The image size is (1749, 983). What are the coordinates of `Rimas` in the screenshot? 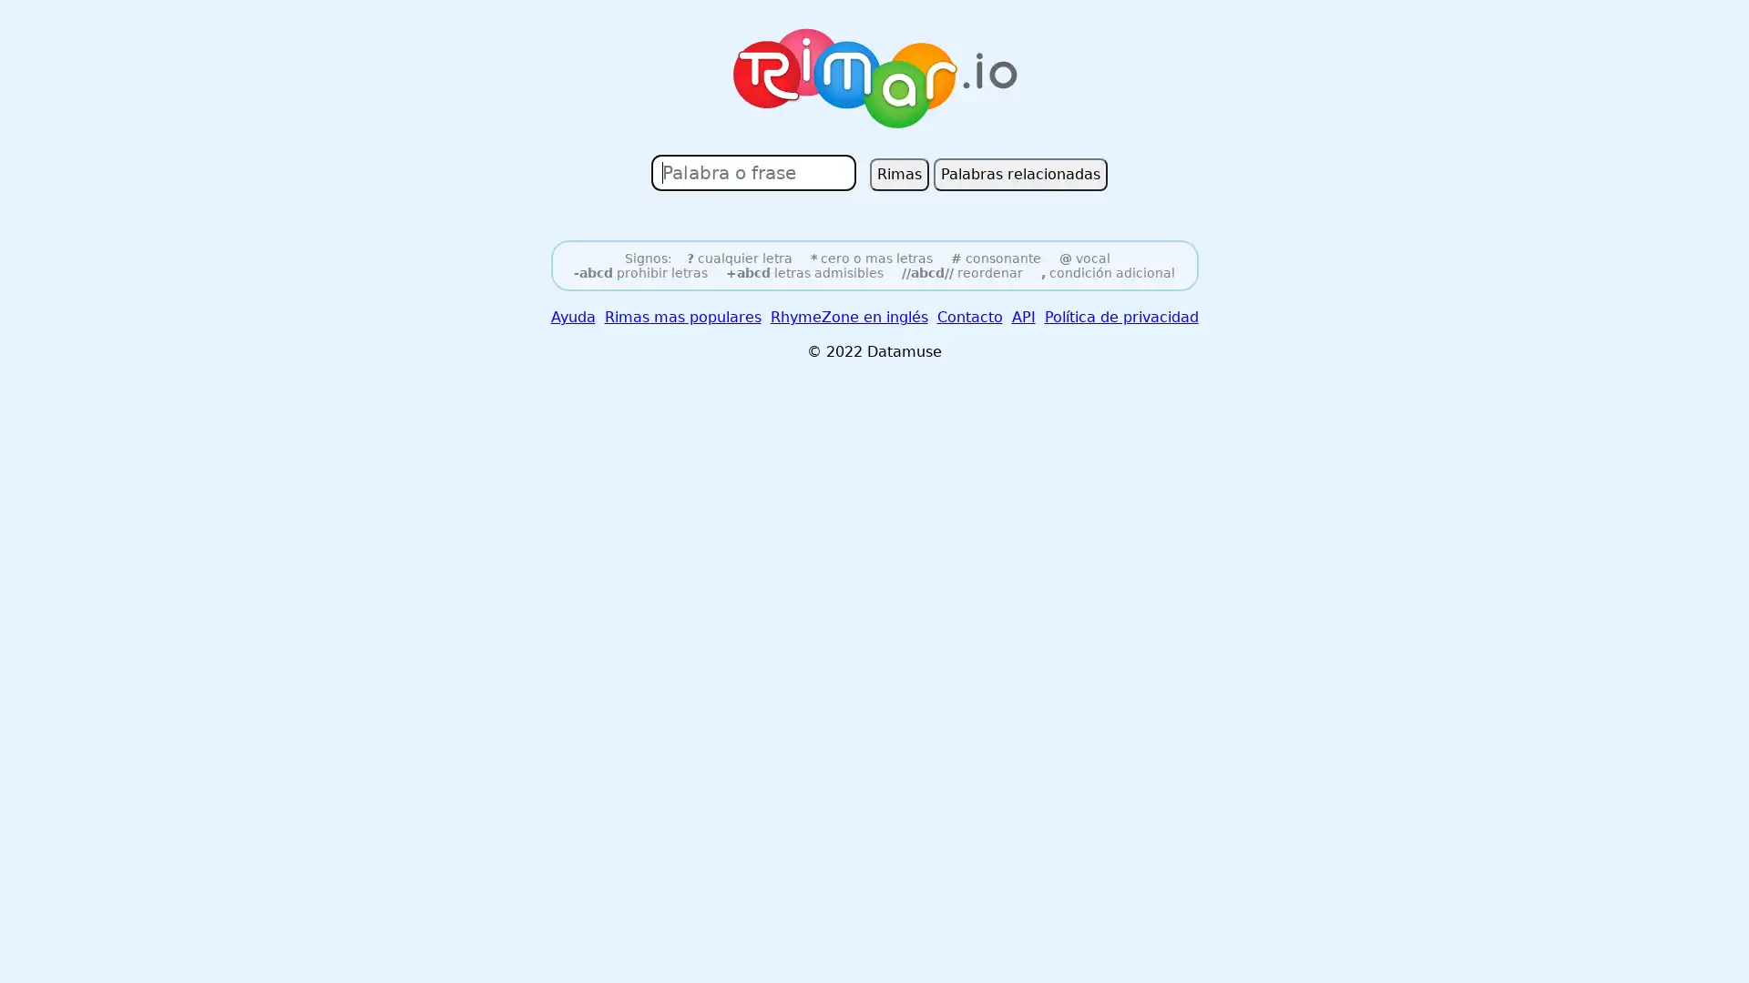 It's located at (898, 174).